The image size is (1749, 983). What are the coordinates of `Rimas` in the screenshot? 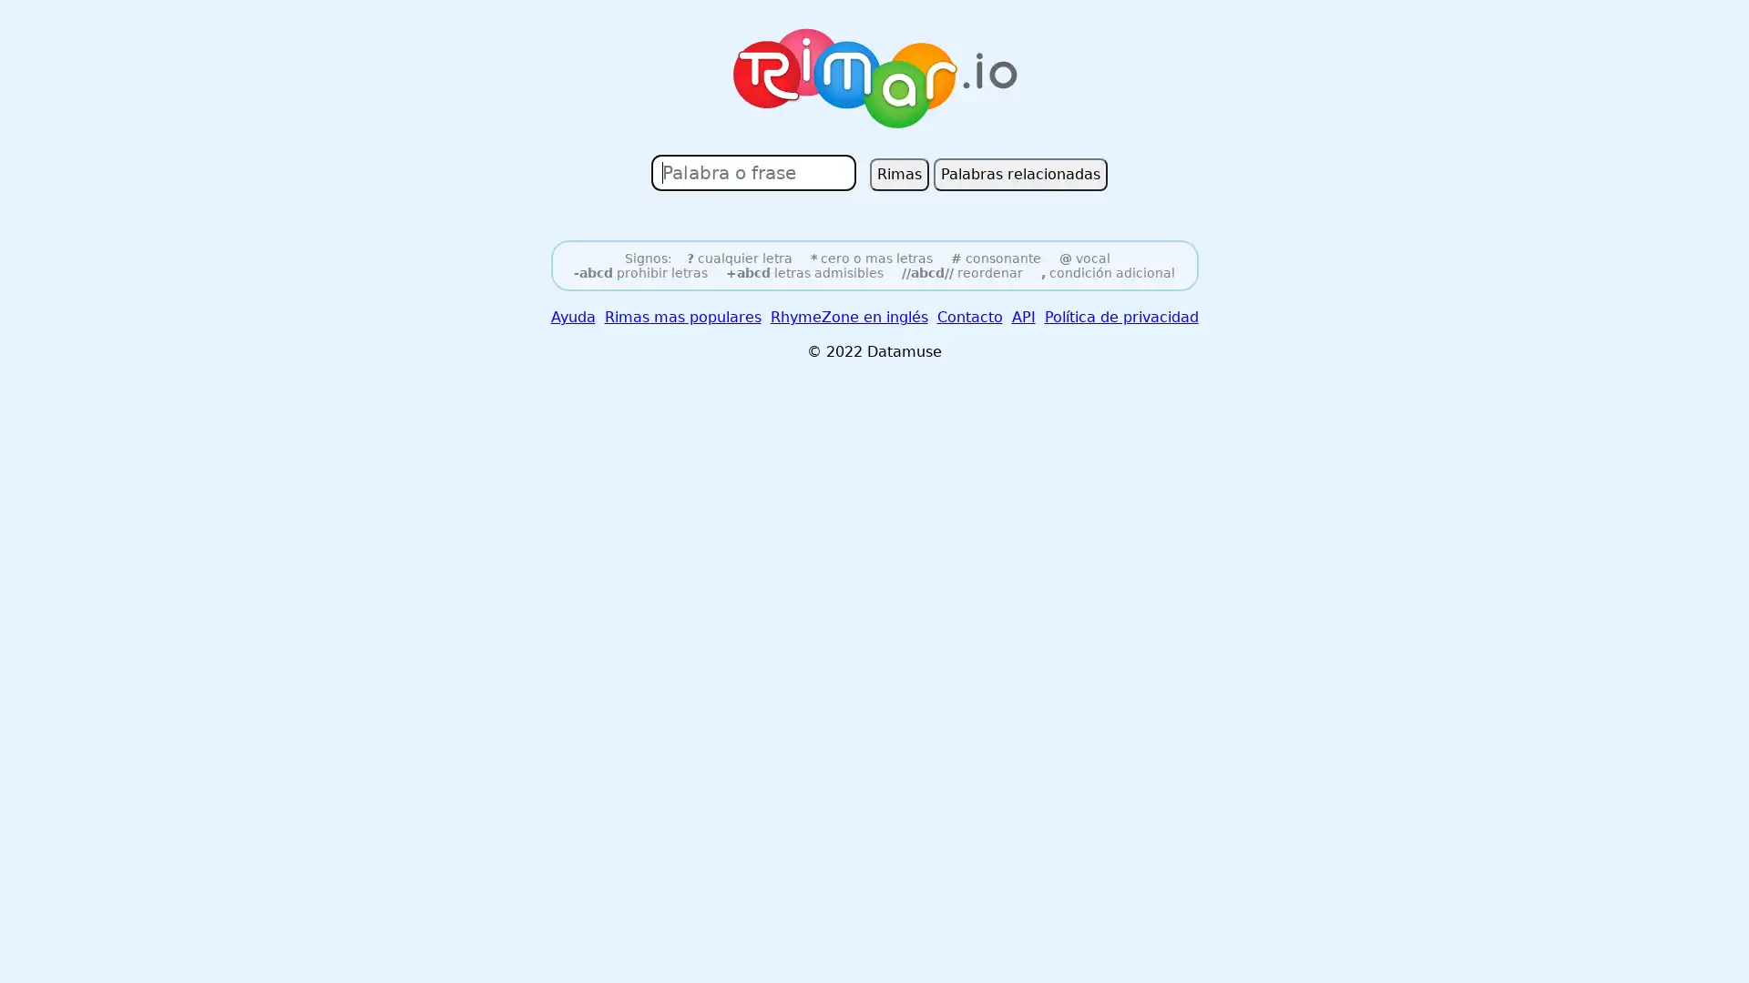 It's located at (898, 174).